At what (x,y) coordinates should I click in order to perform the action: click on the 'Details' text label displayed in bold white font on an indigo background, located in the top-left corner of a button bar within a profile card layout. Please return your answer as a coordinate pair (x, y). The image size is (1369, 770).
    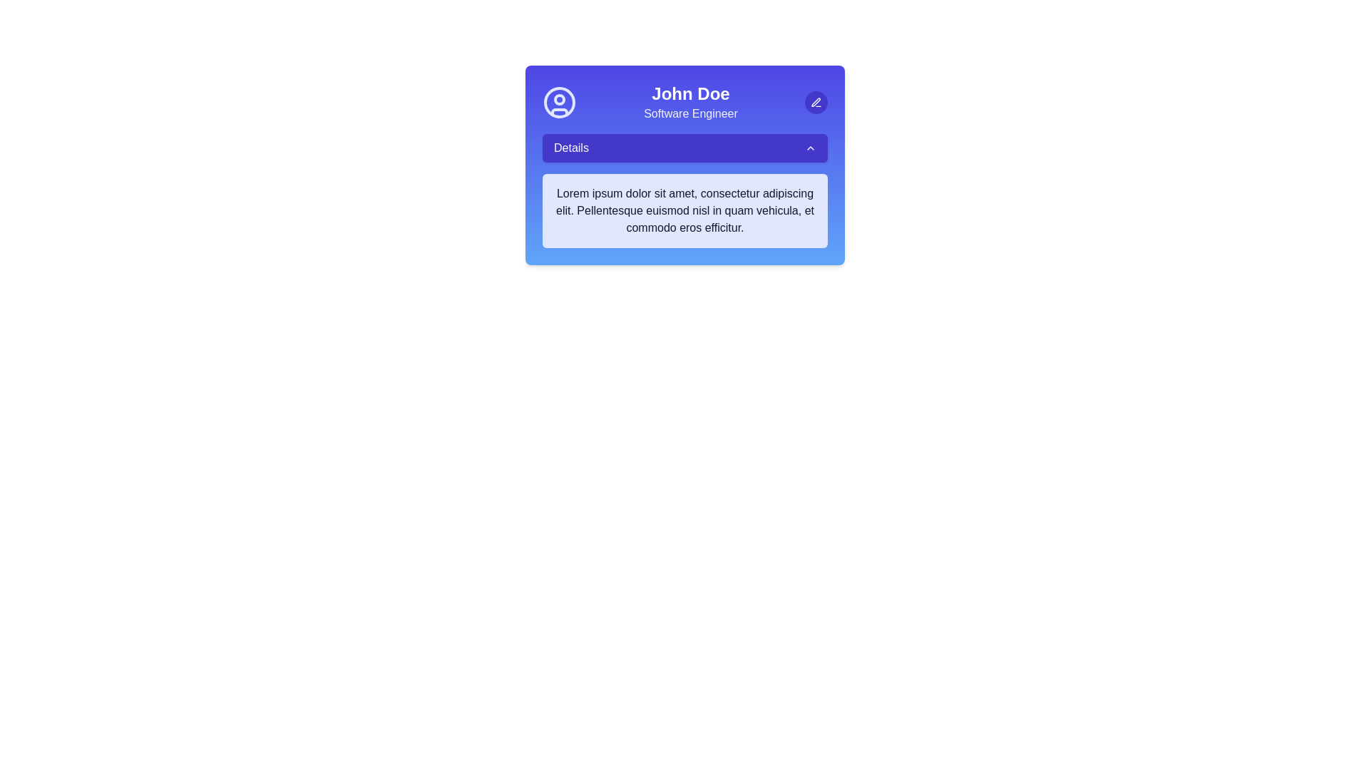
    Looking at the image, I should click on (571, 148).